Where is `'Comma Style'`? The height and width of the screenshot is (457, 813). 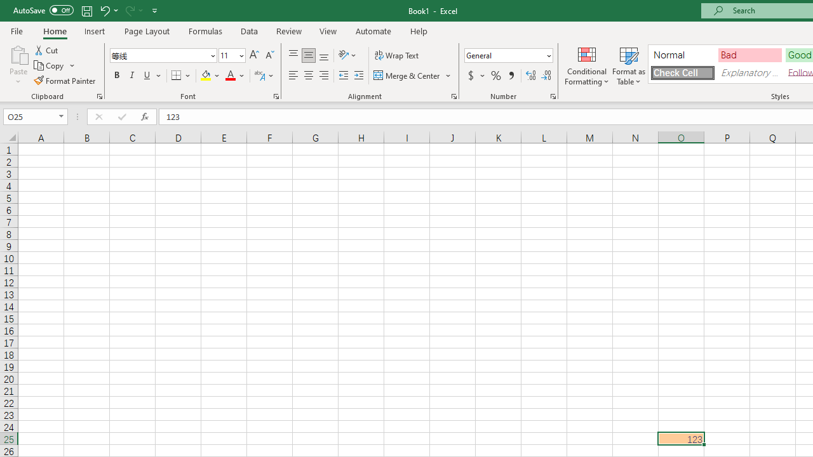 'Comma Style' is located at coordinates (511, 76).